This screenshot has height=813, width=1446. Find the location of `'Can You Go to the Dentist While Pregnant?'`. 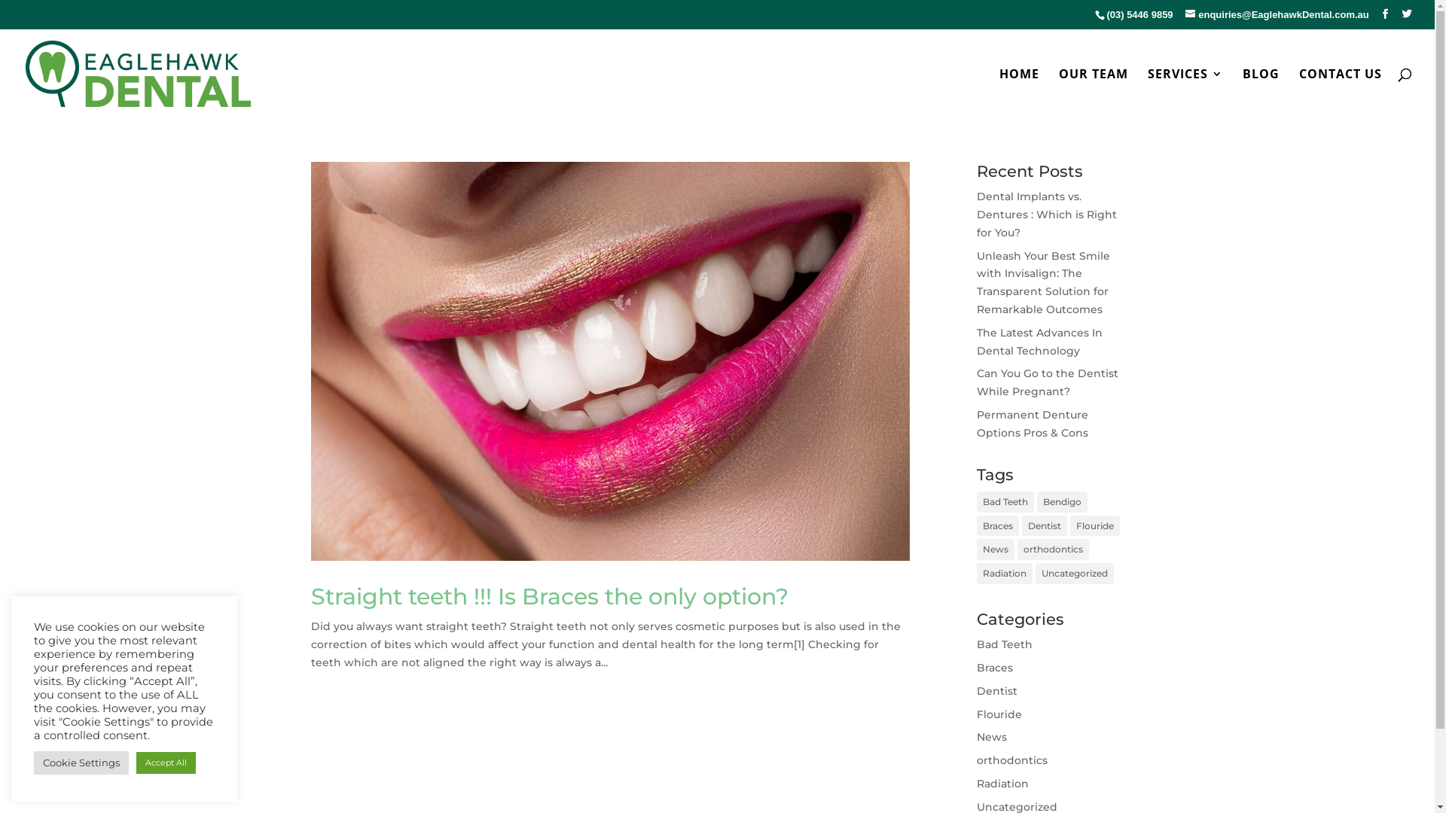

'Can You Go to the Dentist While Pregnant?' is located at coordinates (1047, 382).